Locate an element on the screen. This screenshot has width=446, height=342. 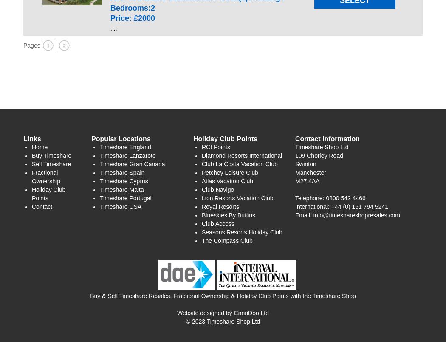
'109 Chorley Road' is located at coordinates (295, 155).